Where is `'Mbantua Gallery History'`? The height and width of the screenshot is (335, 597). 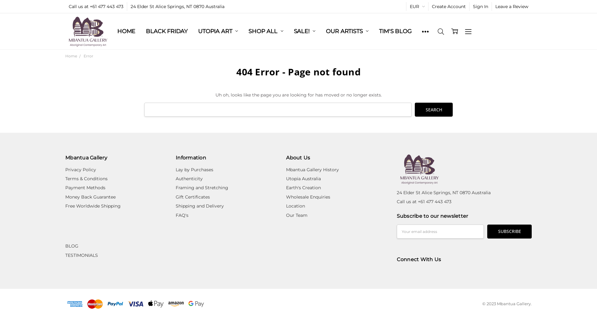
'Mbantua Gallery History' is located at coordinates (312, 170).